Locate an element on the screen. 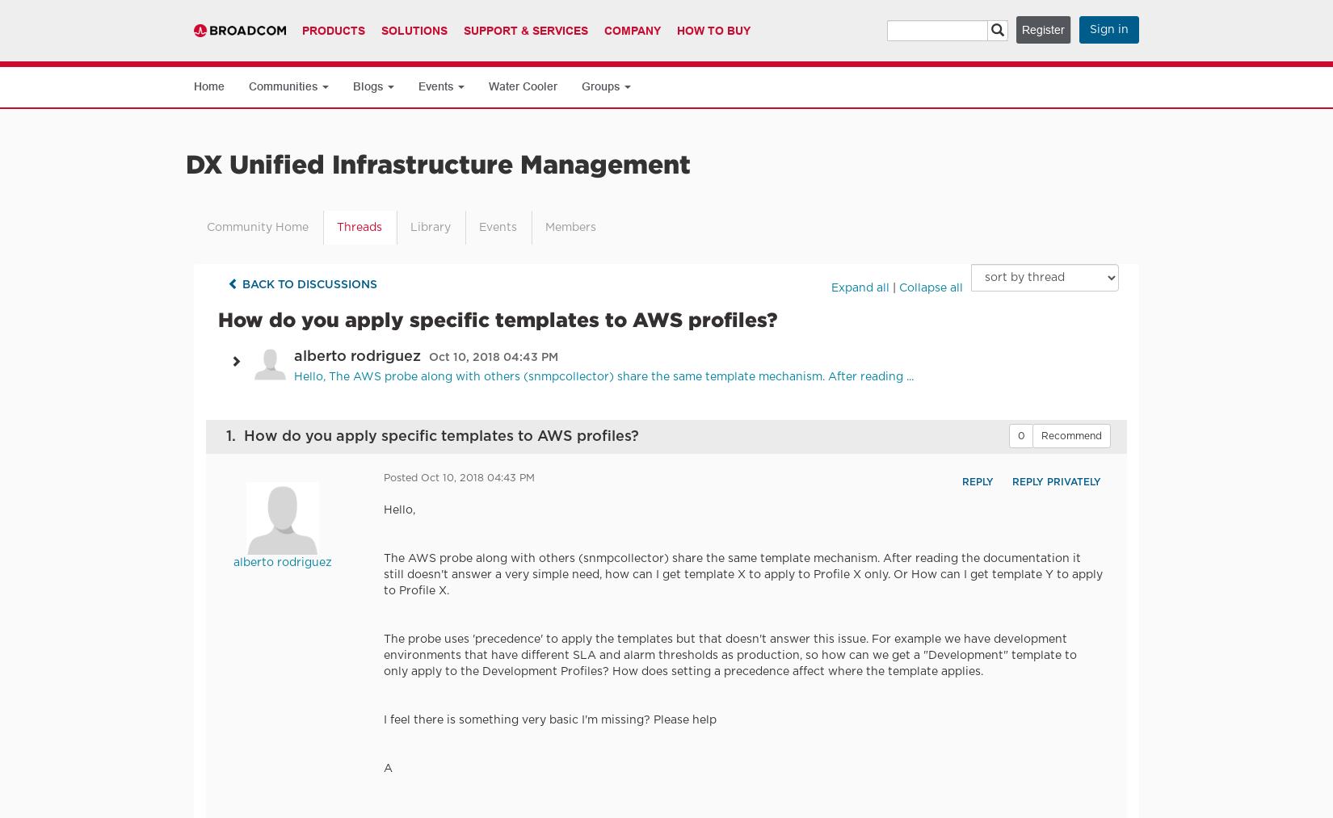 The image size is (1333, 818). 'The probe uses 'precedence' to apply the templates but that doesn't answer this issue. For example we have development environments that have different SLA and alarm thresholds as production, so how can we get a "Development" template to only apply to the Development Profiles? How does setting a precedence affect where the template applies.' is located at coordinates (730, 655).